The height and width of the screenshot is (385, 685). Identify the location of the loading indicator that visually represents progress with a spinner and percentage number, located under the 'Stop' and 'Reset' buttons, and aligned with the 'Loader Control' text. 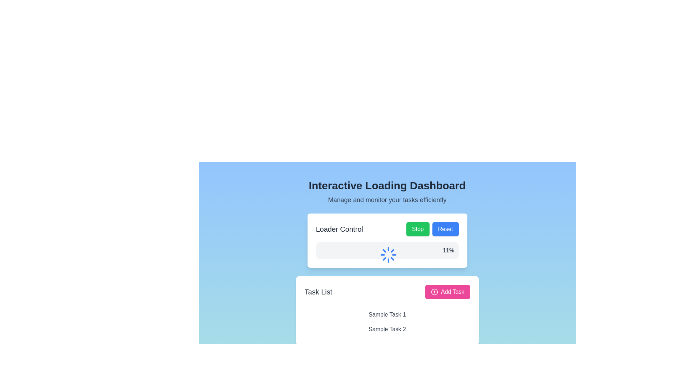
(387, 250).